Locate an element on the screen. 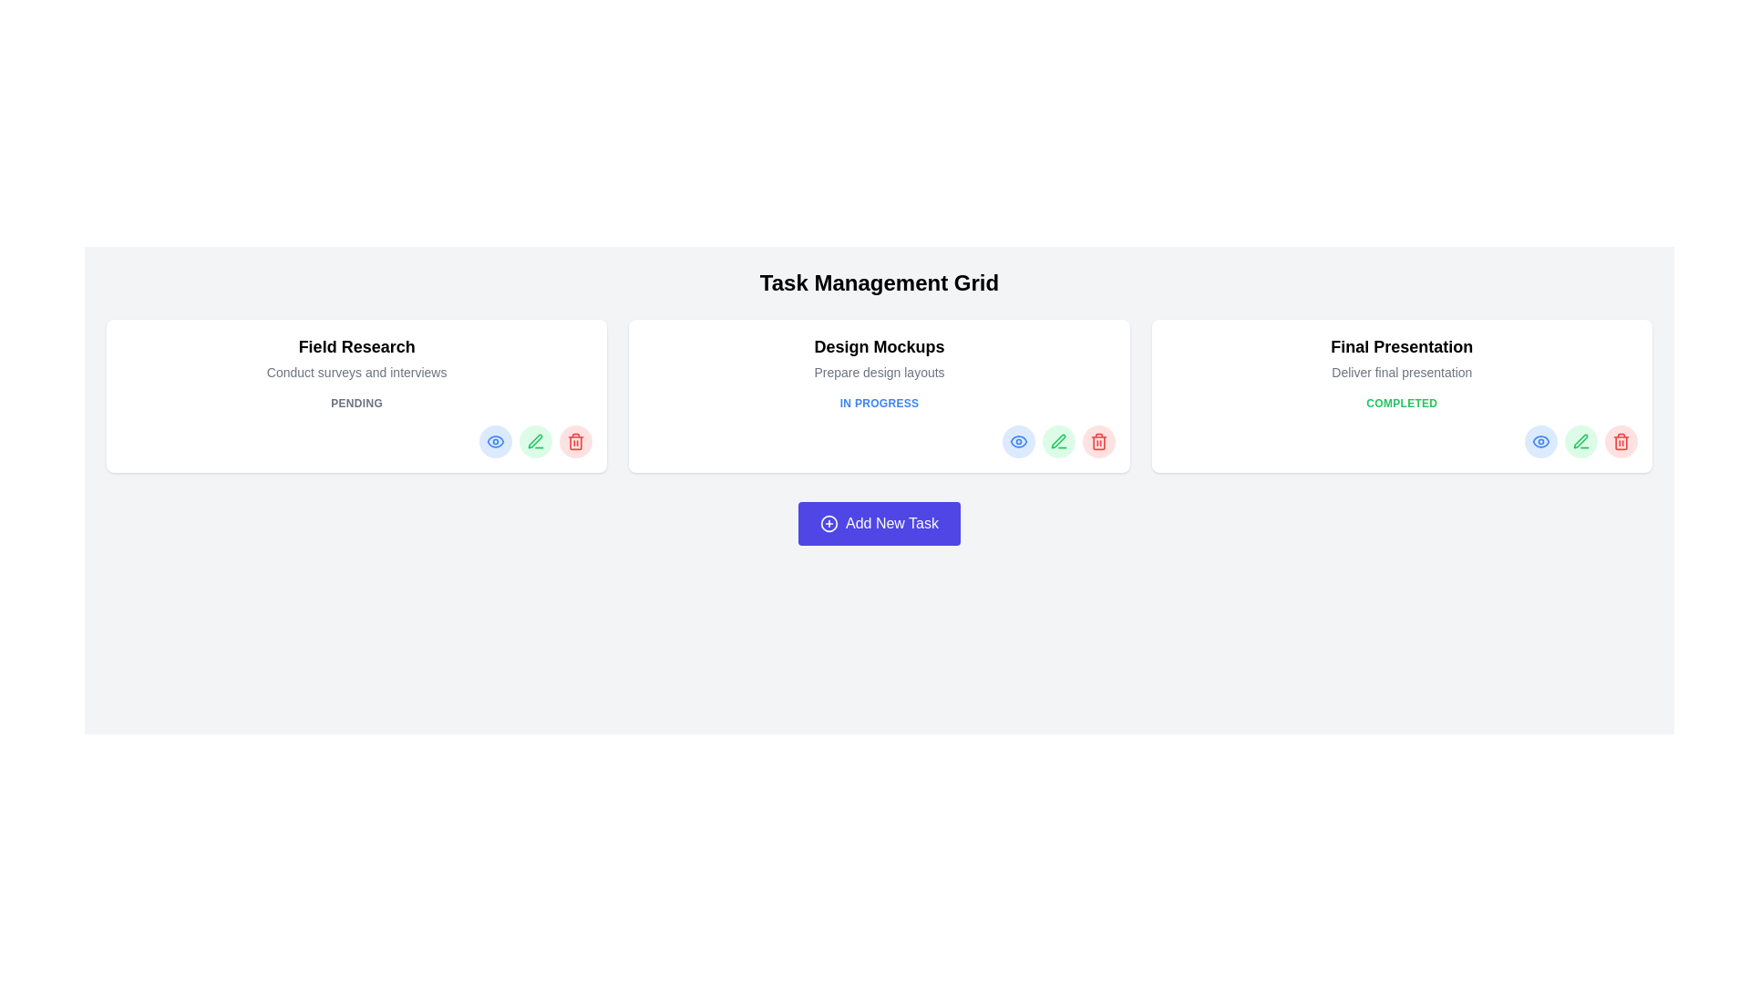  text content of the Header titled 'Final Presentation' located at the top of the rightmost card in the Task Management Grid interface is located at coordinates (1401, 347).